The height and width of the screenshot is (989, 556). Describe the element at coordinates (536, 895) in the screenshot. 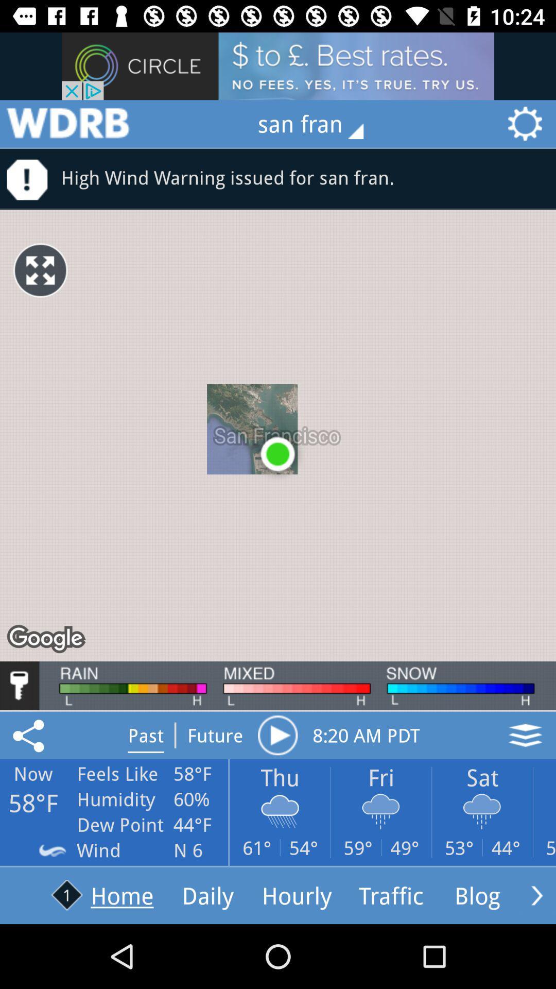

I see `the arrow_forward icon` at that location.